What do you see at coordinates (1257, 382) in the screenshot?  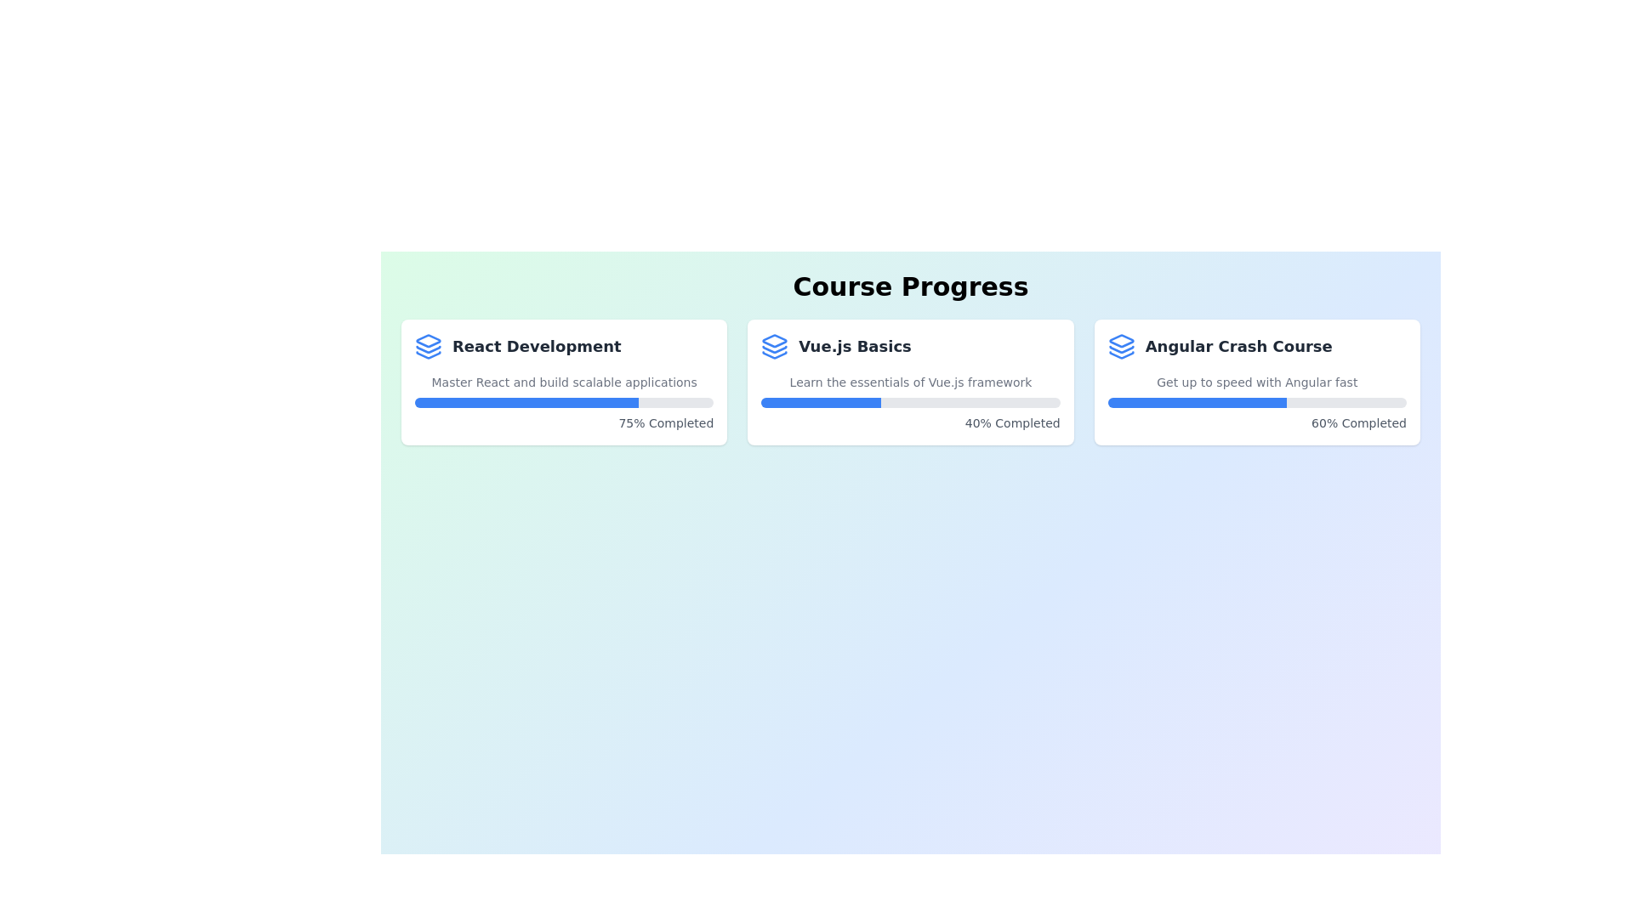 I see `the course card for Angular Crash Course` at bounding box center [1257, 382].